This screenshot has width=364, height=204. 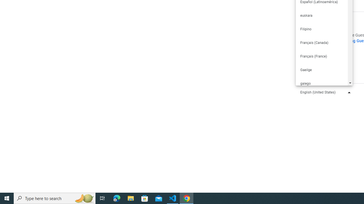 What do you see at coordinates (321, 83) in the screenshot?
I see `'galego'` at bounding box center [321, 83].